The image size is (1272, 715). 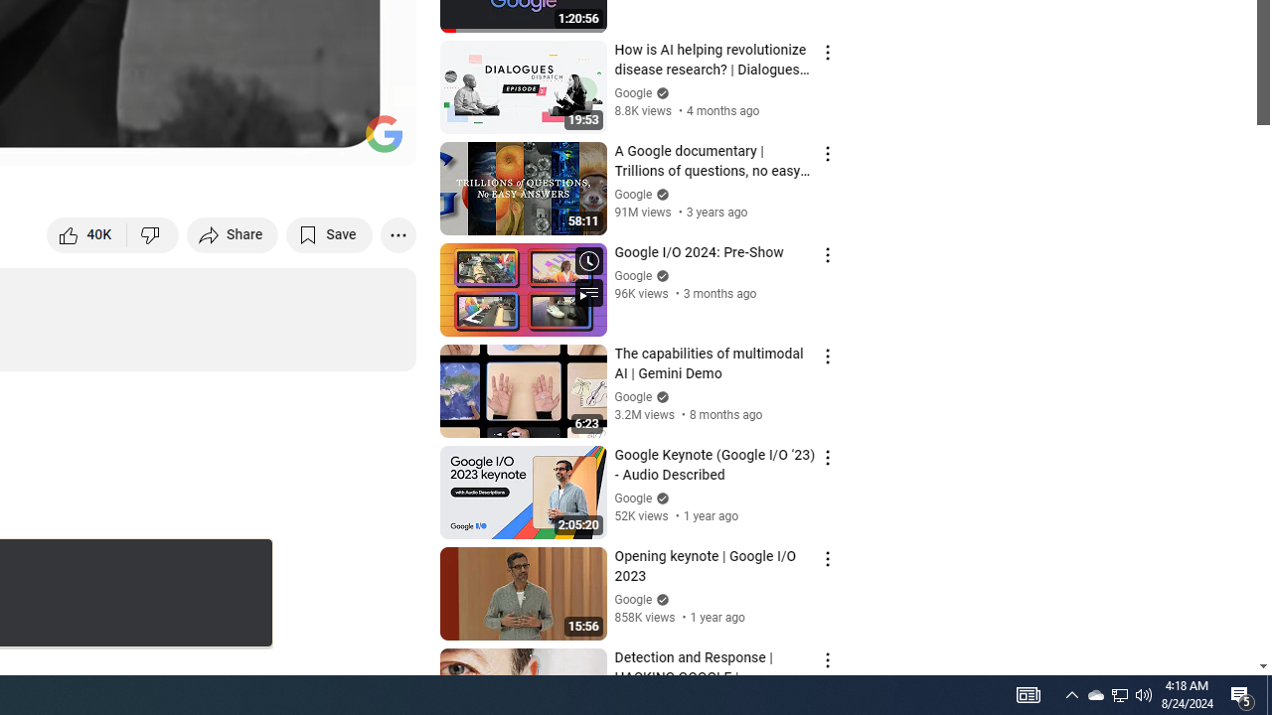 I want to click on 'Save to playlist', so click(x=329, y=233).